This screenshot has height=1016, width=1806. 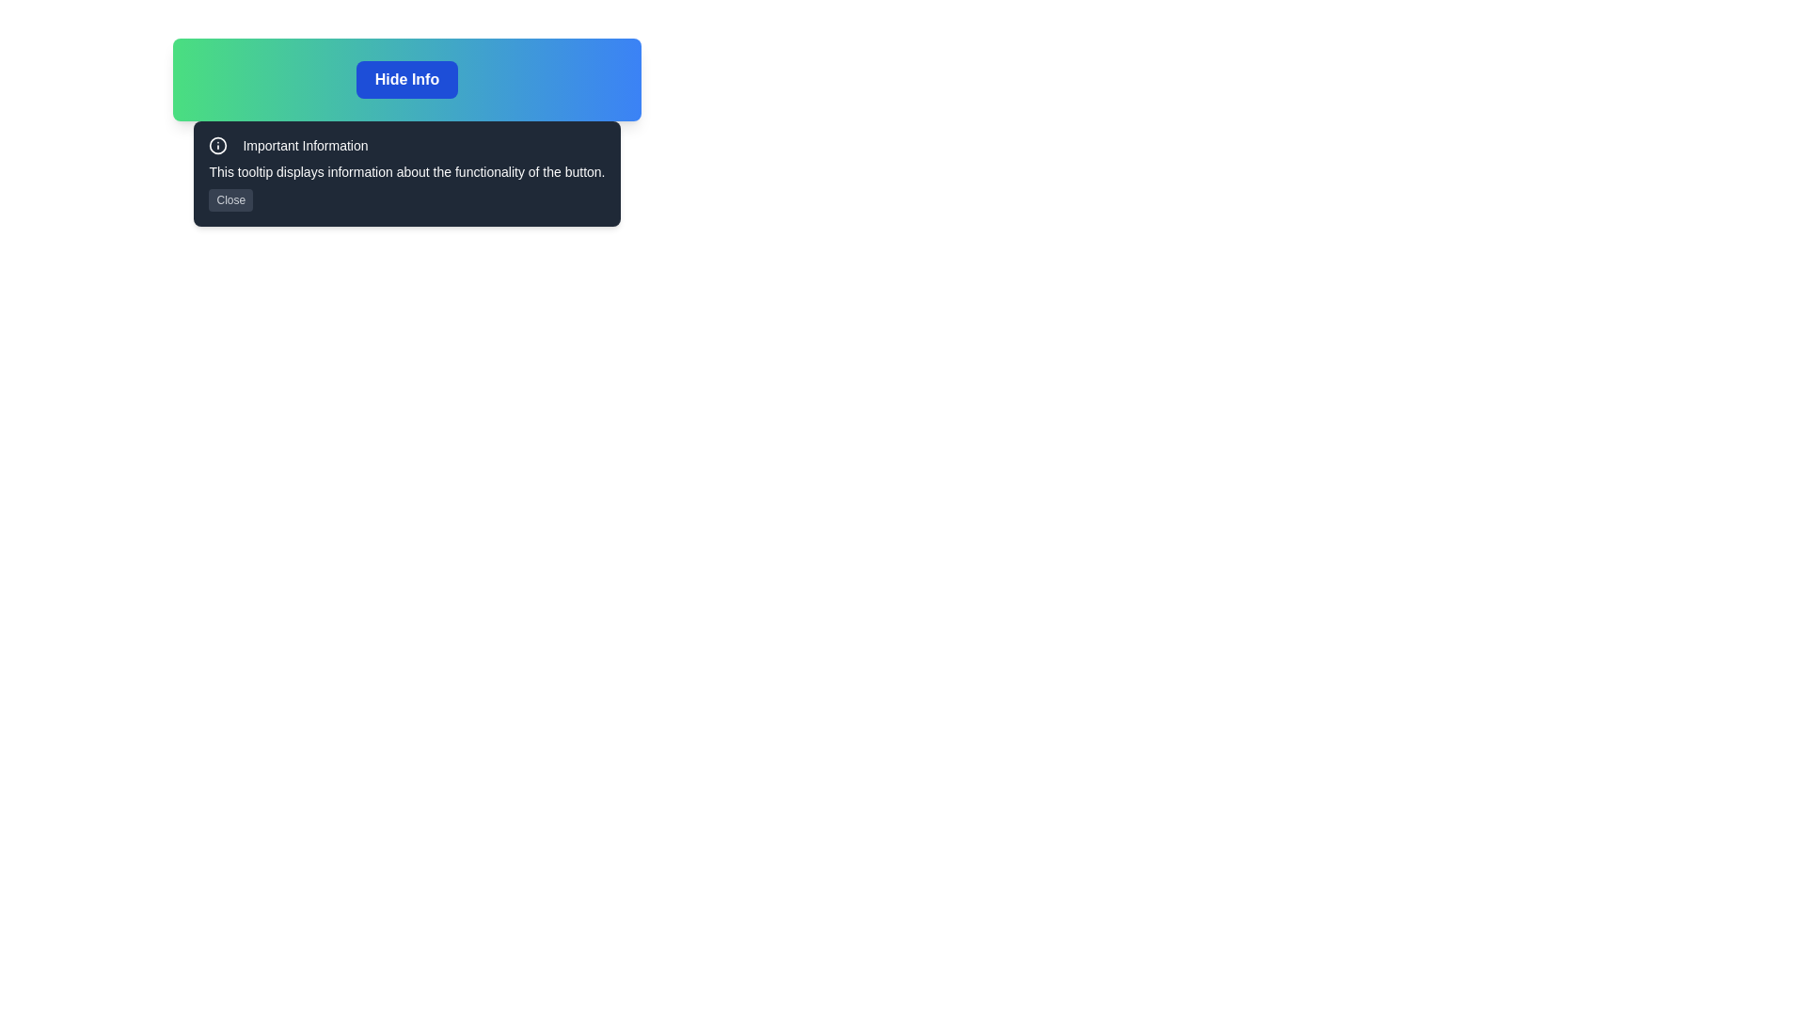 I want to click on the tooltip title text located in the top-left corner of the tooltip to read the full tooltip title, so click(x=288, y=144).